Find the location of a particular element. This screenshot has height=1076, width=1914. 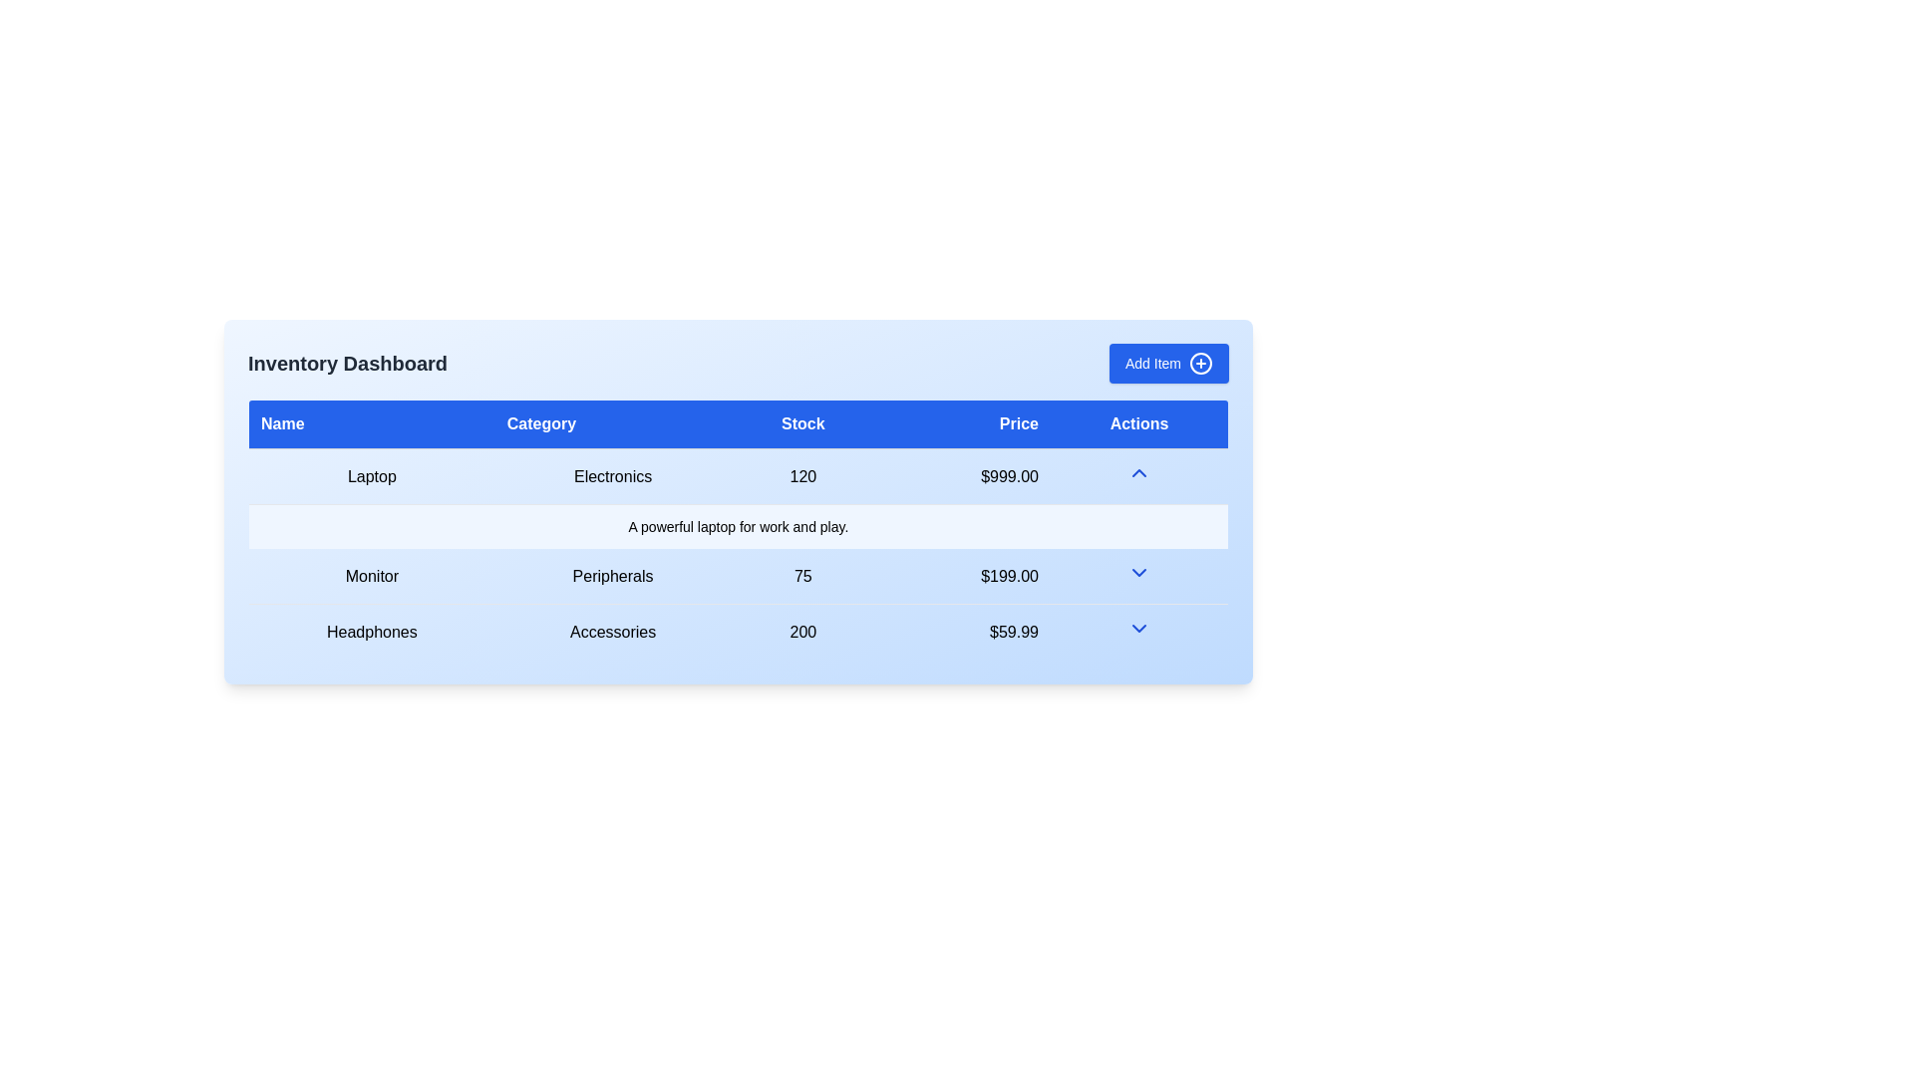

the Interactive icon located at the rightmost part of the 'Laptop' entry row in the table is located at coordinates (1138, 472).